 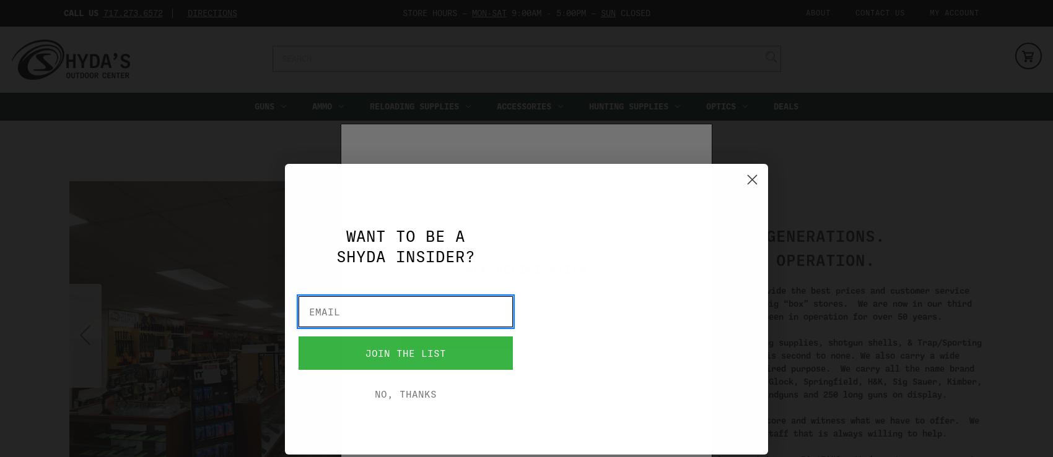 What do you see at coordinates (785, 106) in the screenshot?
I see `'DEALS'` at bounding box center [785, 106].